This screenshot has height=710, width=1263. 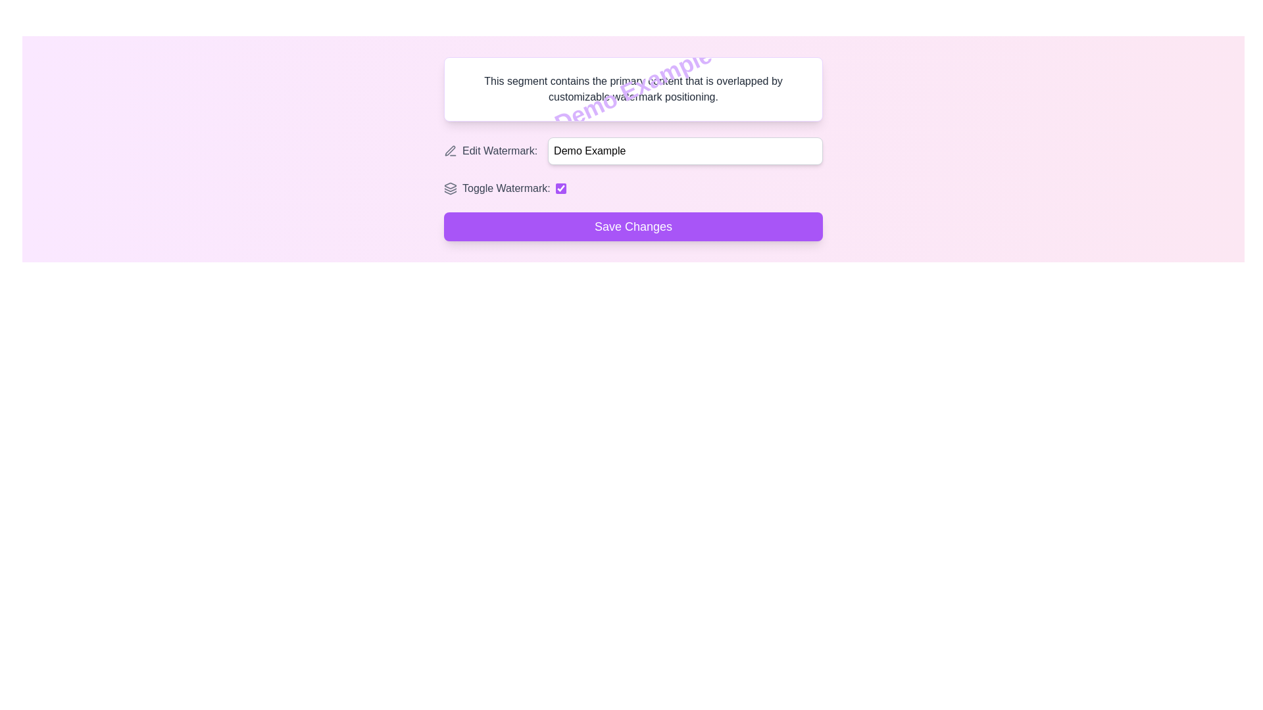 What do you see at coordinates (633, 188) in the screenshot?
I see `the checkbox that allows users` at bounding box center [633, 188].